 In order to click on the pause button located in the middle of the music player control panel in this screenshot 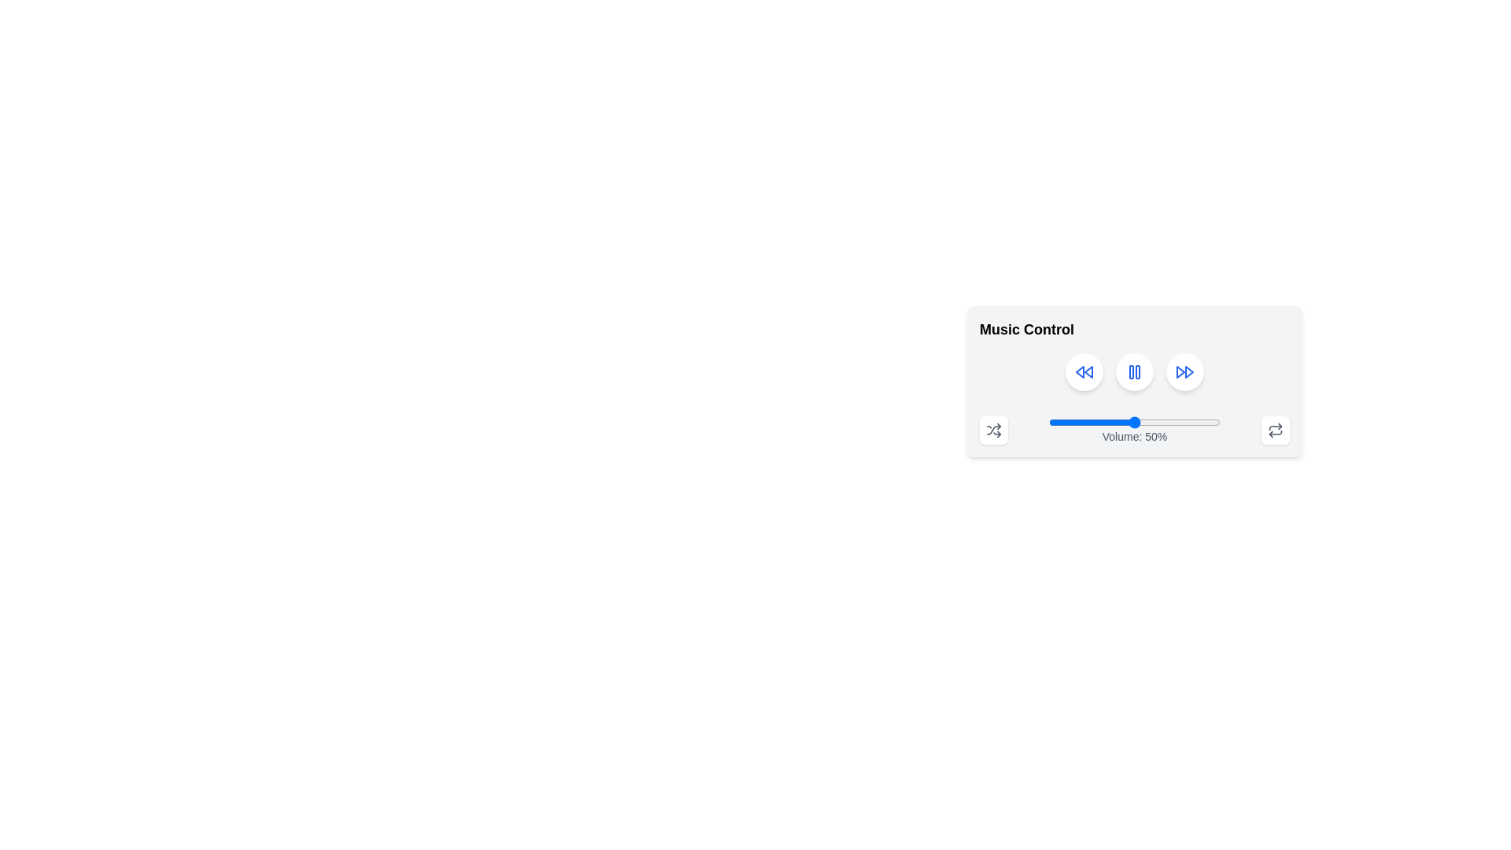, I will do `click(1134, 372)`.